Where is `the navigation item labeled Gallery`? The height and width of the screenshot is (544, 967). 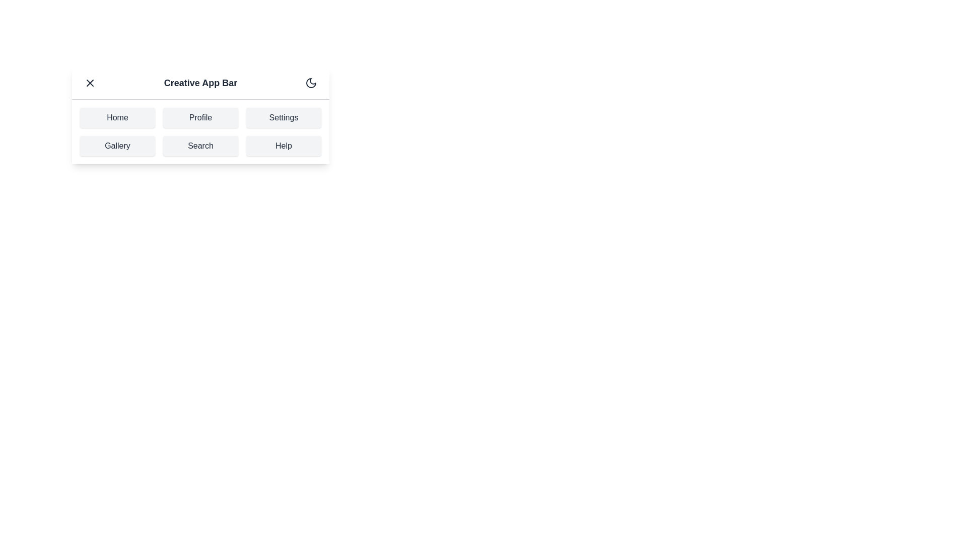
the navigation item labeled Gallery is located at coordinates (117, 146).